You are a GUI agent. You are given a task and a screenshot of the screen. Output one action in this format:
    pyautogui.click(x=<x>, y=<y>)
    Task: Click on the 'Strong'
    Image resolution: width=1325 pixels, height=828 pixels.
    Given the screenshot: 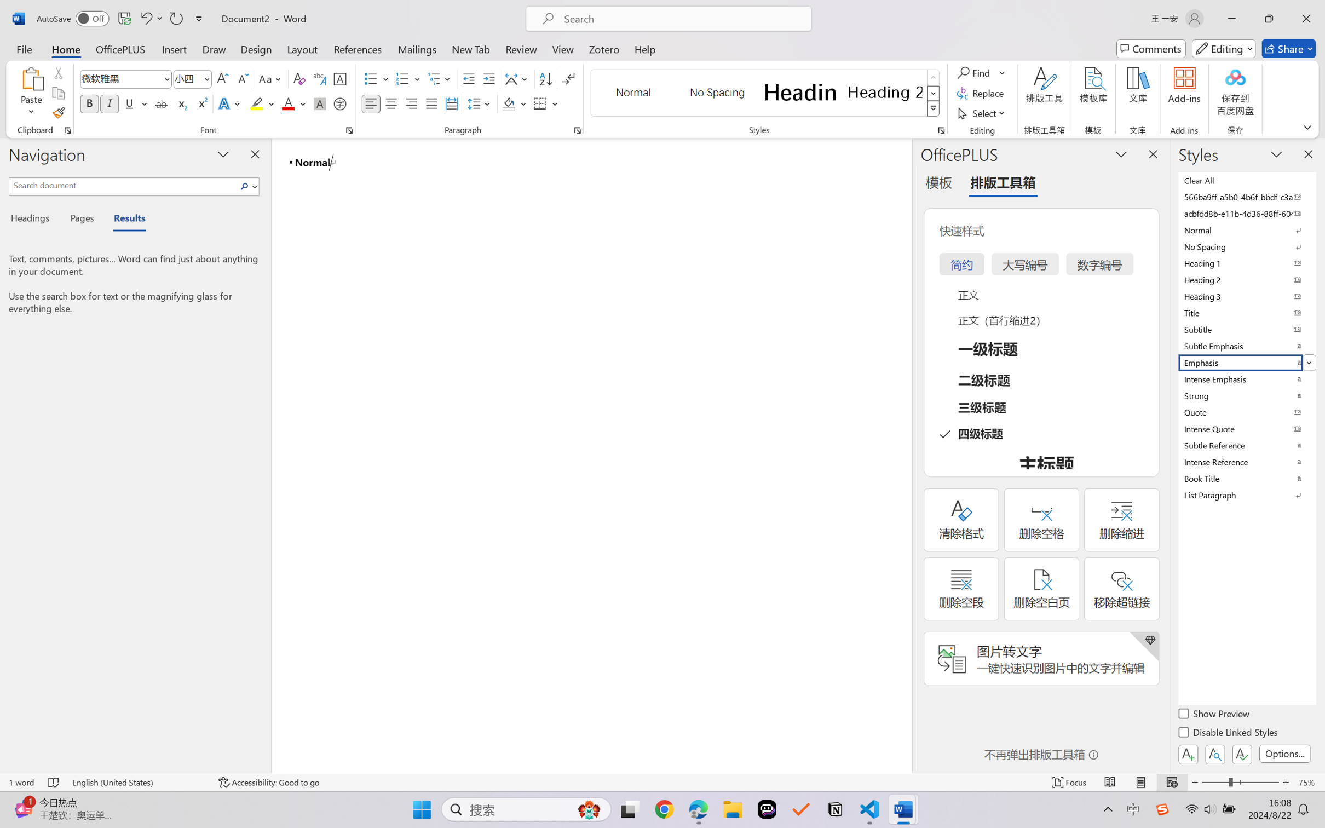 What is the action you would take?
    pyautogui.click(x=1246, y=395)
    